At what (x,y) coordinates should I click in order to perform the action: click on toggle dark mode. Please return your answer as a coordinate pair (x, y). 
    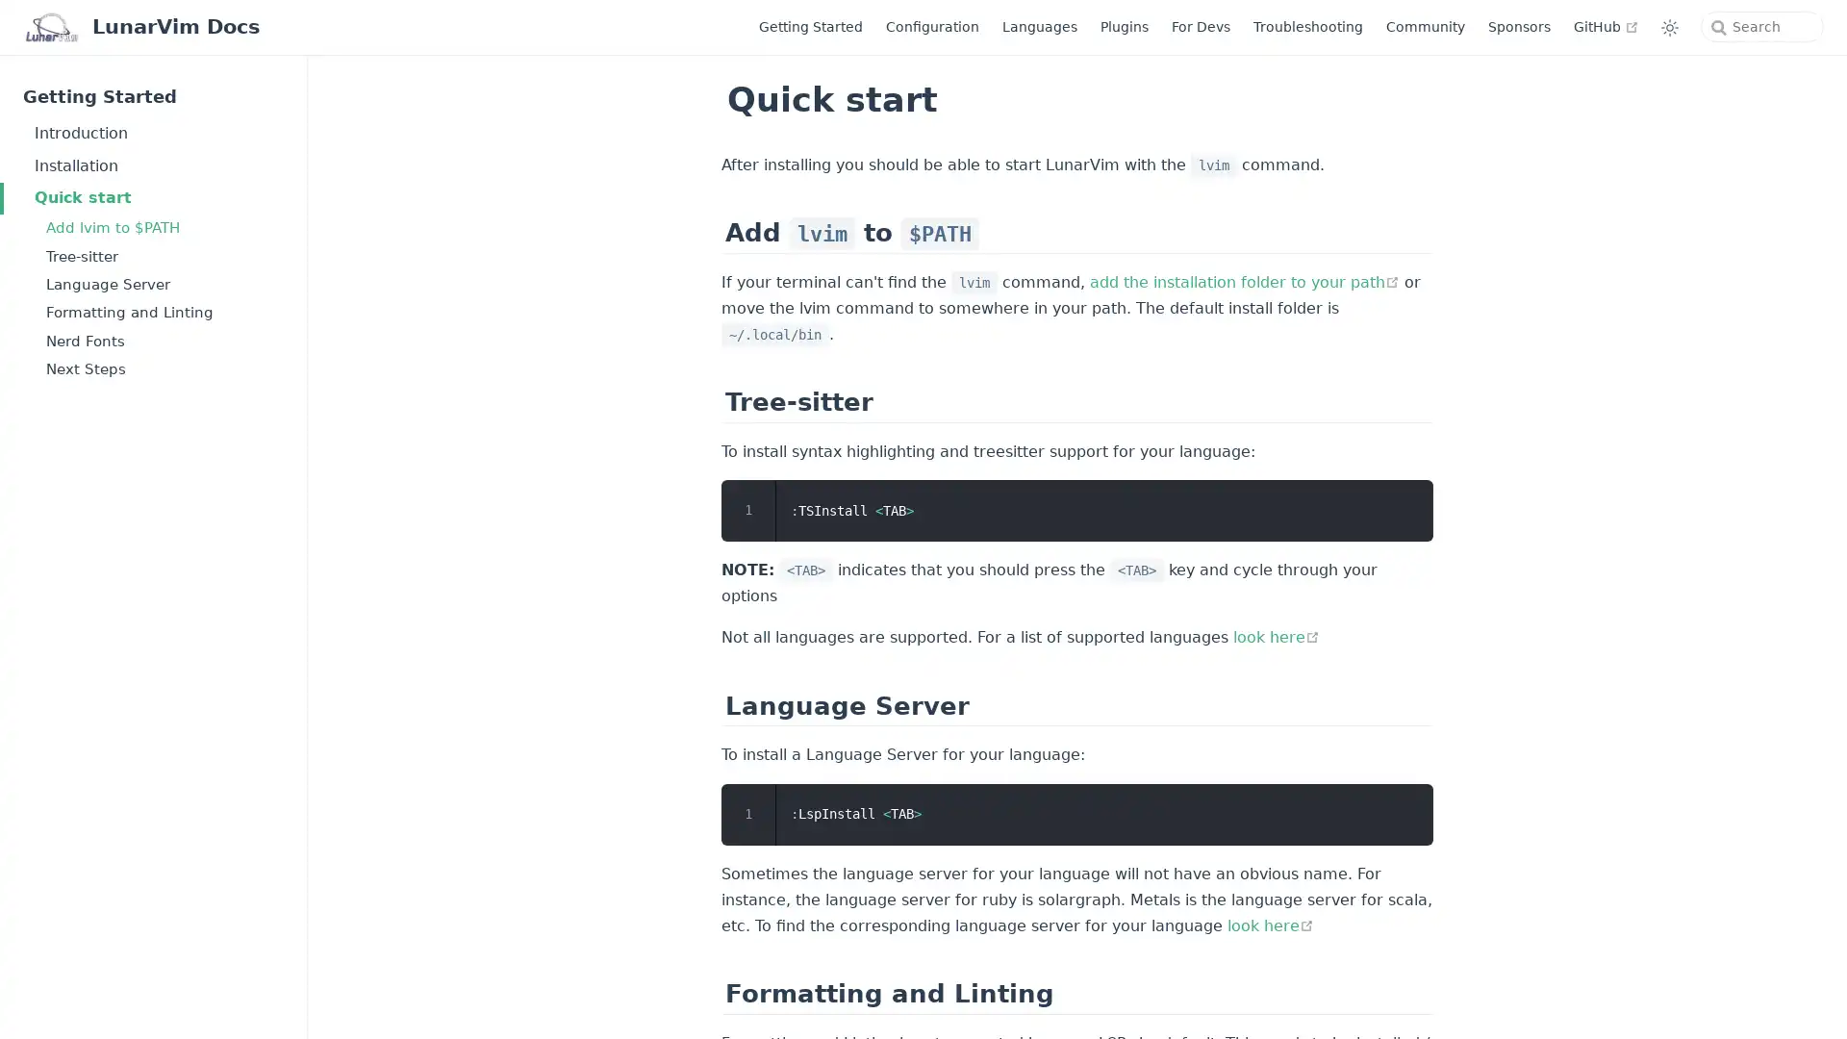
    Looking at the image, I should click on (1669, 26).